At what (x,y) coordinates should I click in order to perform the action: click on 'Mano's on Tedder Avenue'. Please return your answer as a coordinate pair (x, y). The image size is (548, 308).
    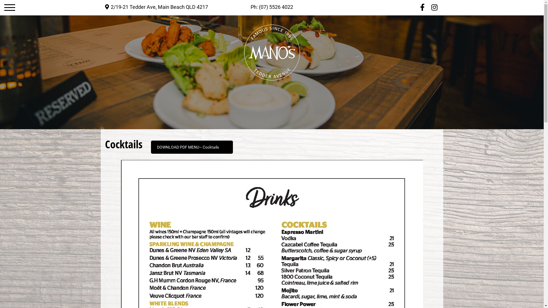
    Looking at the image, I should click on (271, 52).